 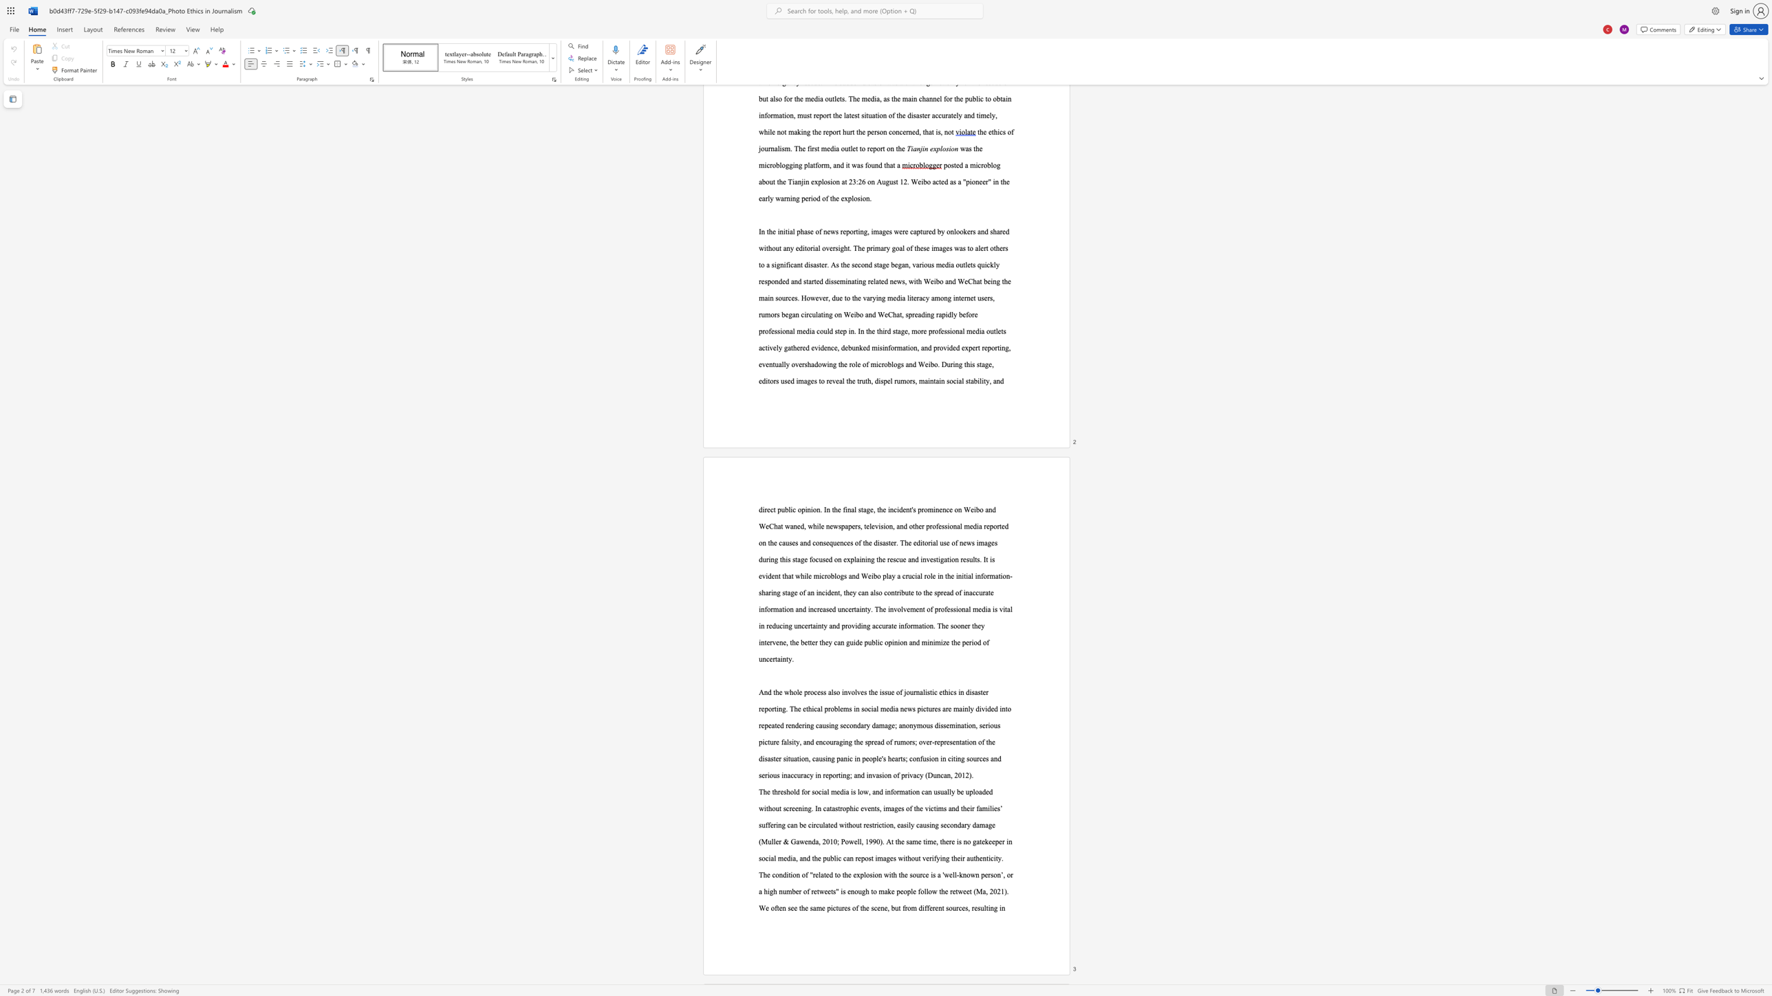 What do you see at coordinates (818, 691) in the screenshot?
I see `the 2th character "e" in the text` at bounding box center [818, 691].